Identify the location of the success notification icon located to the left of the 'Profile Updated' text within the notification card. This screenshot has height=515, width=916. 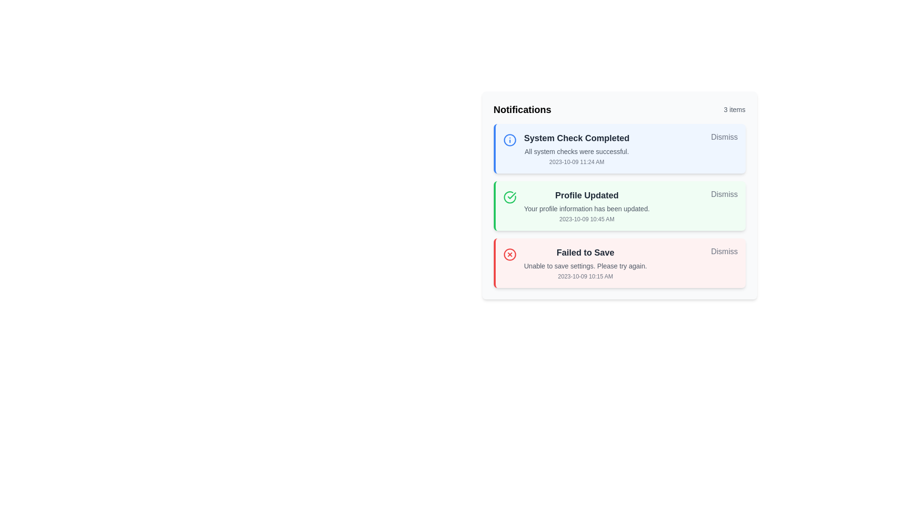
(509, 196).